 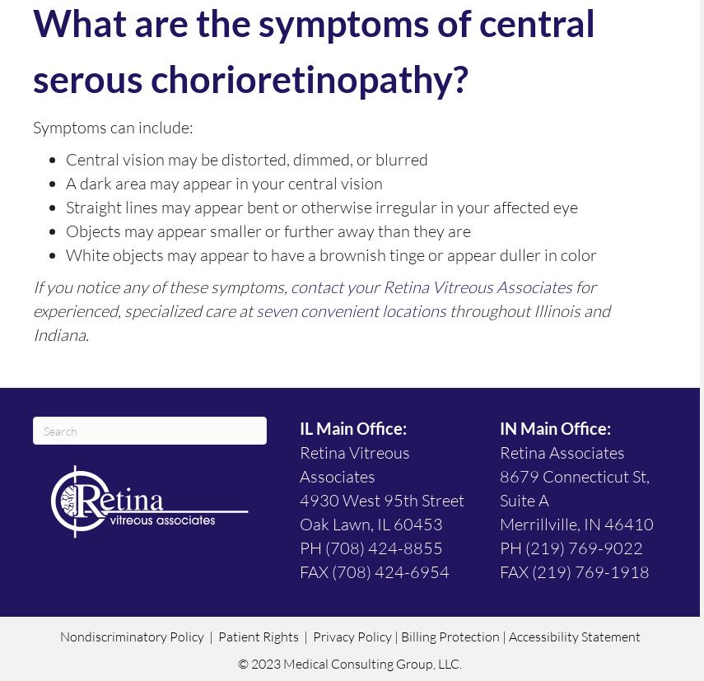 What do you see at coordinates (298, 464) in the screenshot?
I see `'Retina Vitreous Associates'` at bounding box center [298, 464].